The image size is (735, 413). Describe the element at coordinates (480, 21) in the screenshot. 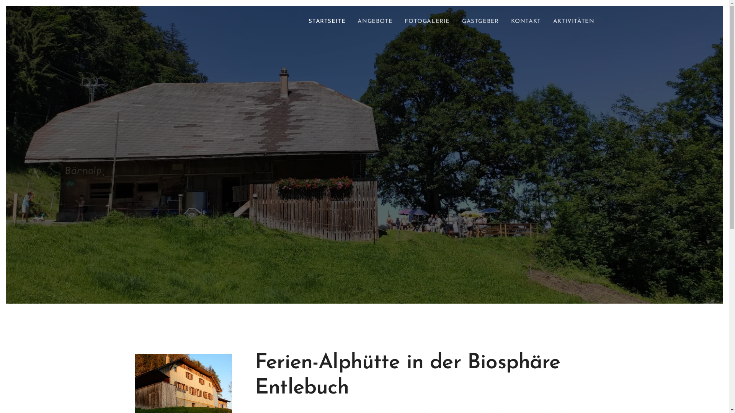

I see `'GASTGEBER'` at that location.